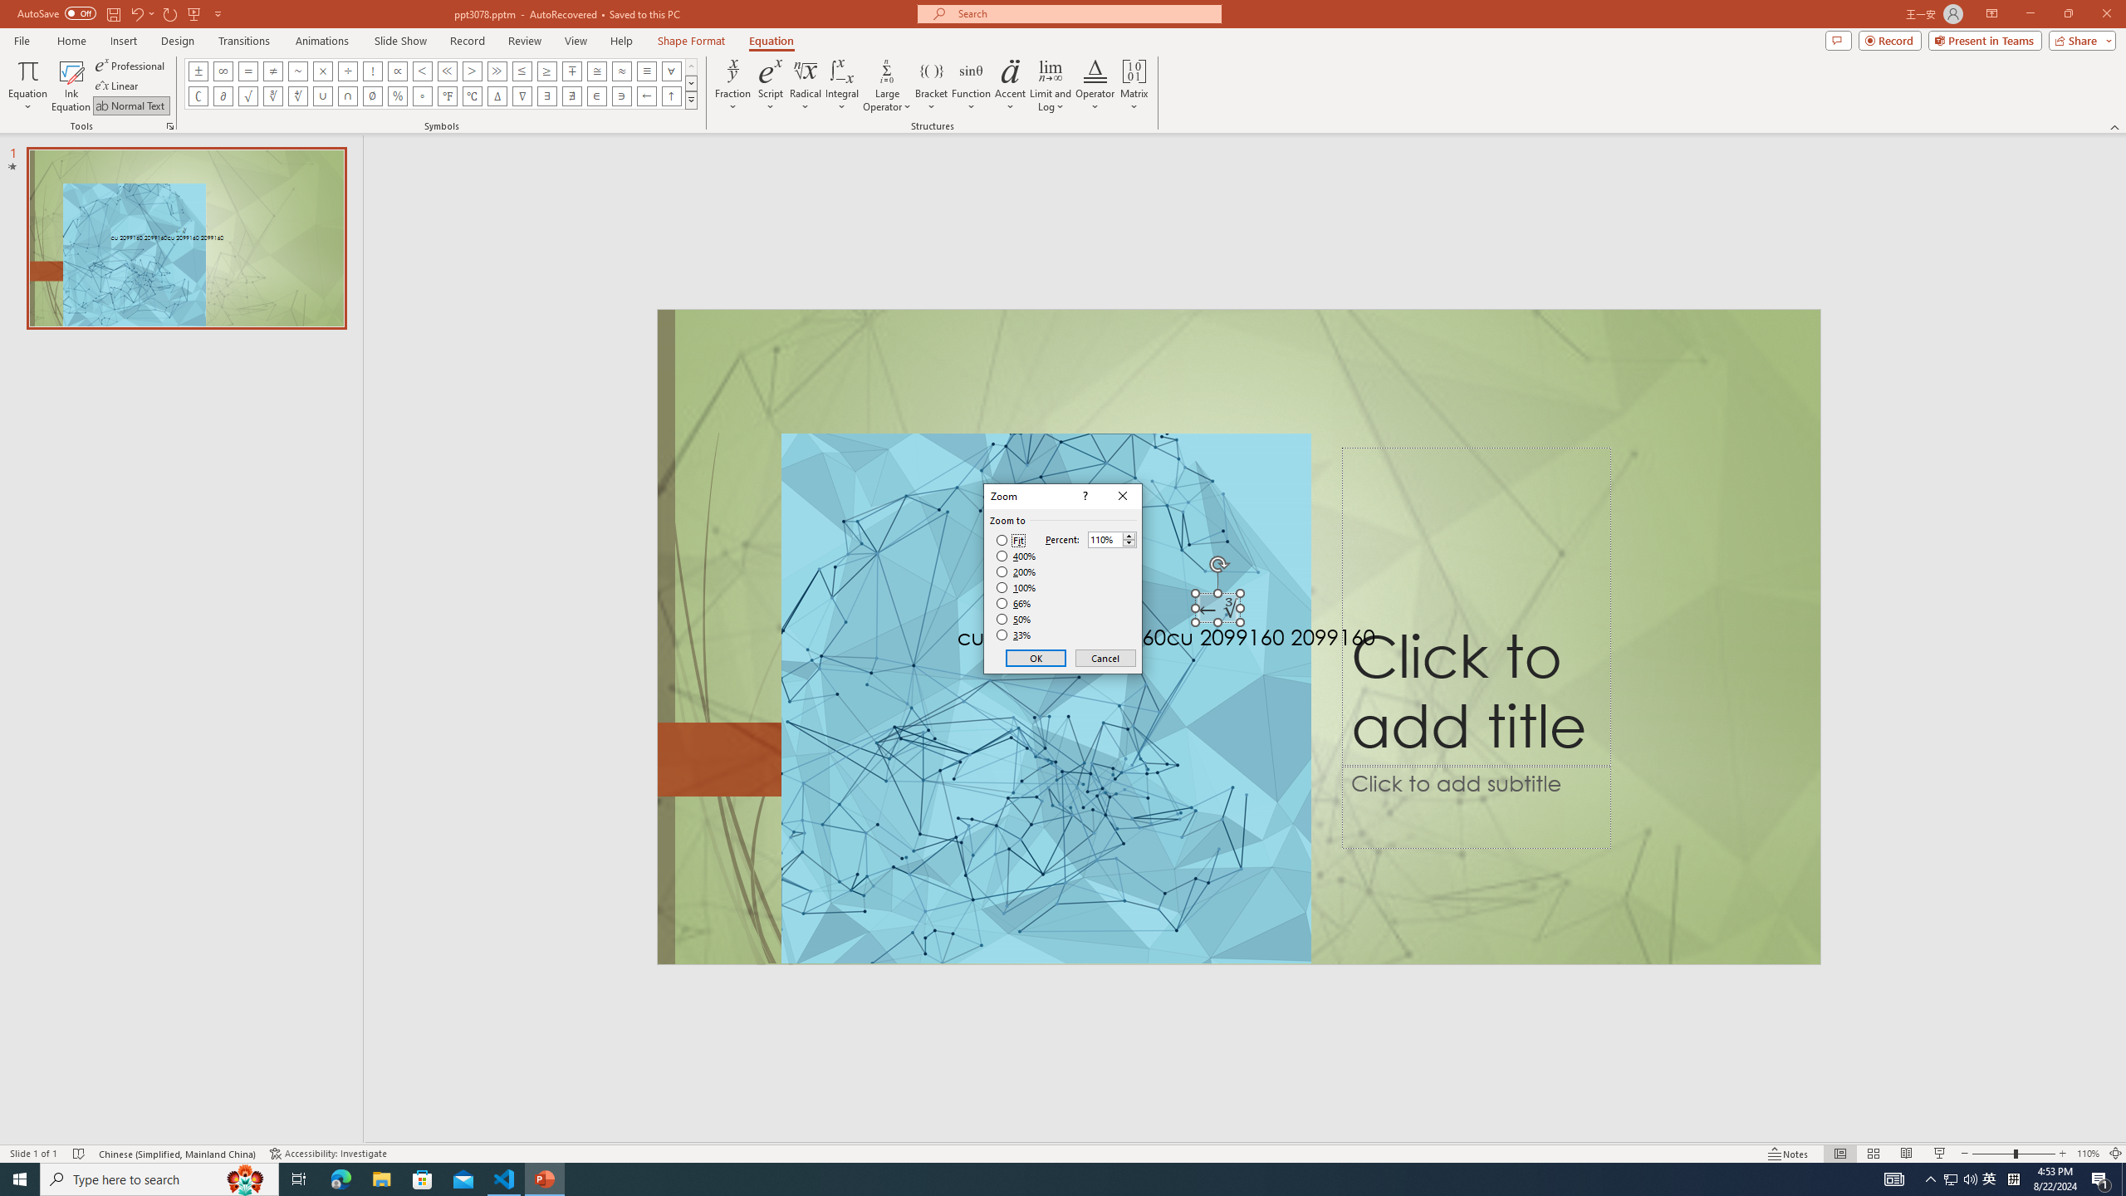 The image size is (2126, 1196). I want to click on 'Equation Symbol Up Arrow', so click(670, 95).